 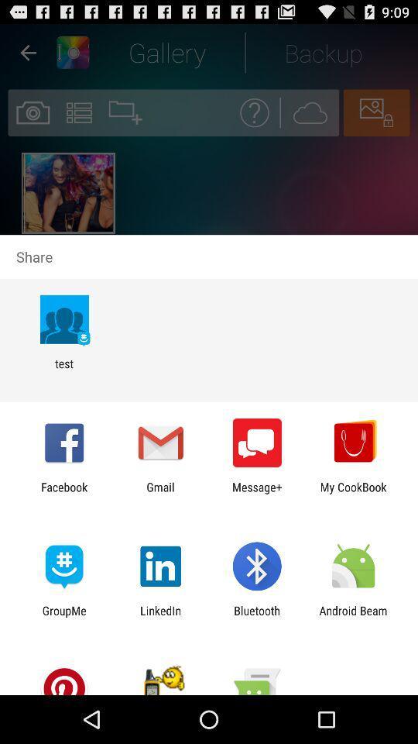 I want to click on item next to android beam item, so click(x=257, y=617).